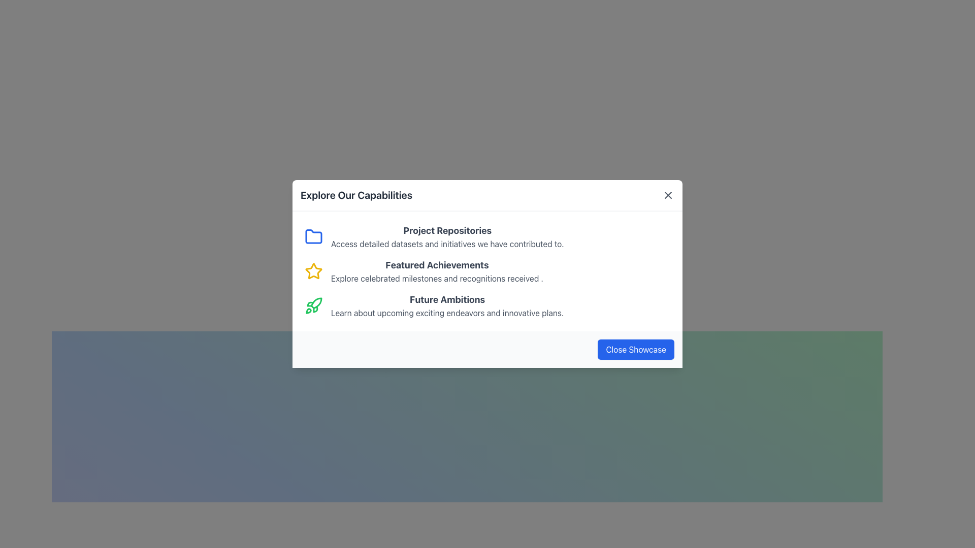 Image resolution: width=975 pixels, height=548 pixels. What do you see at coordinates (487, 236) in the screenshot?
I see `the 'Project Repositories' list item, which is the first item in a column under the title 'Explore Our Capabilities'` at bounding box center [487, 236].